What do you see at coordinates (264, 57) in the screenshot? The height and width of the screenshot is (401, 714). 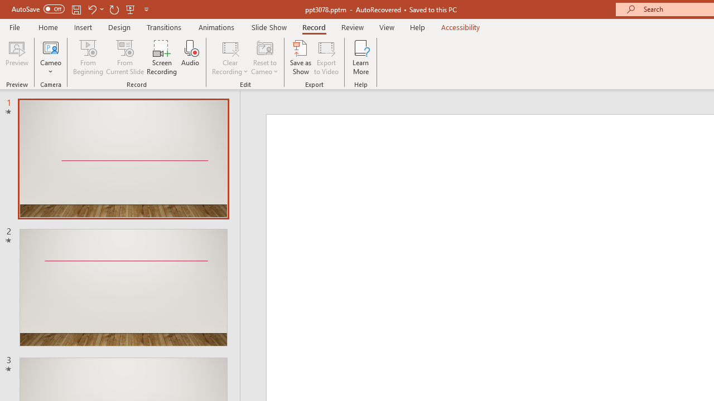 I see `'Reset to Cameo'` at bounding box center [264, 57].